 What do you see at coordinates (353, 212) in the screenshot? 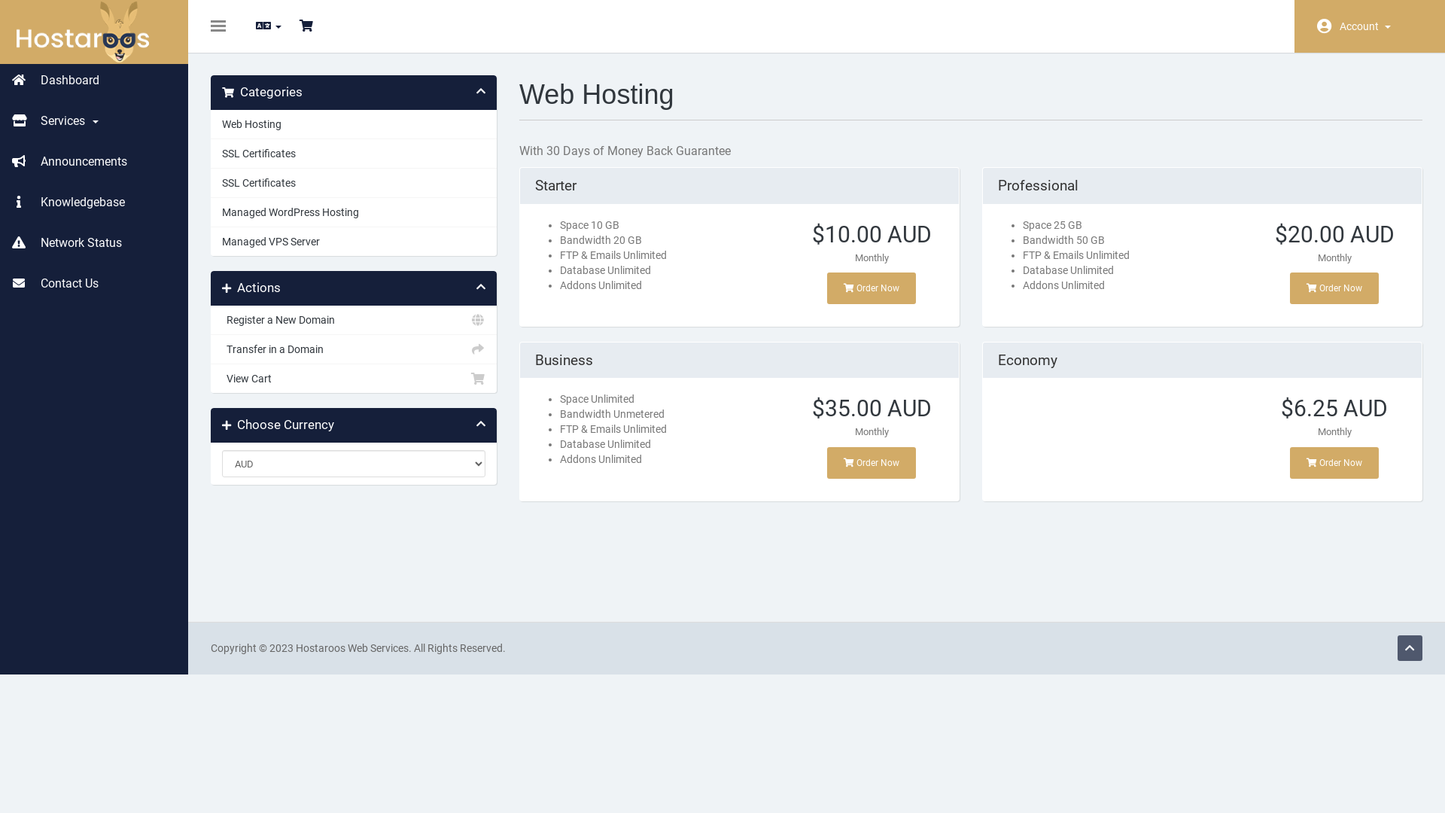
I see `'Managed WordPress Hosting'` at bounding box center [353, 212].